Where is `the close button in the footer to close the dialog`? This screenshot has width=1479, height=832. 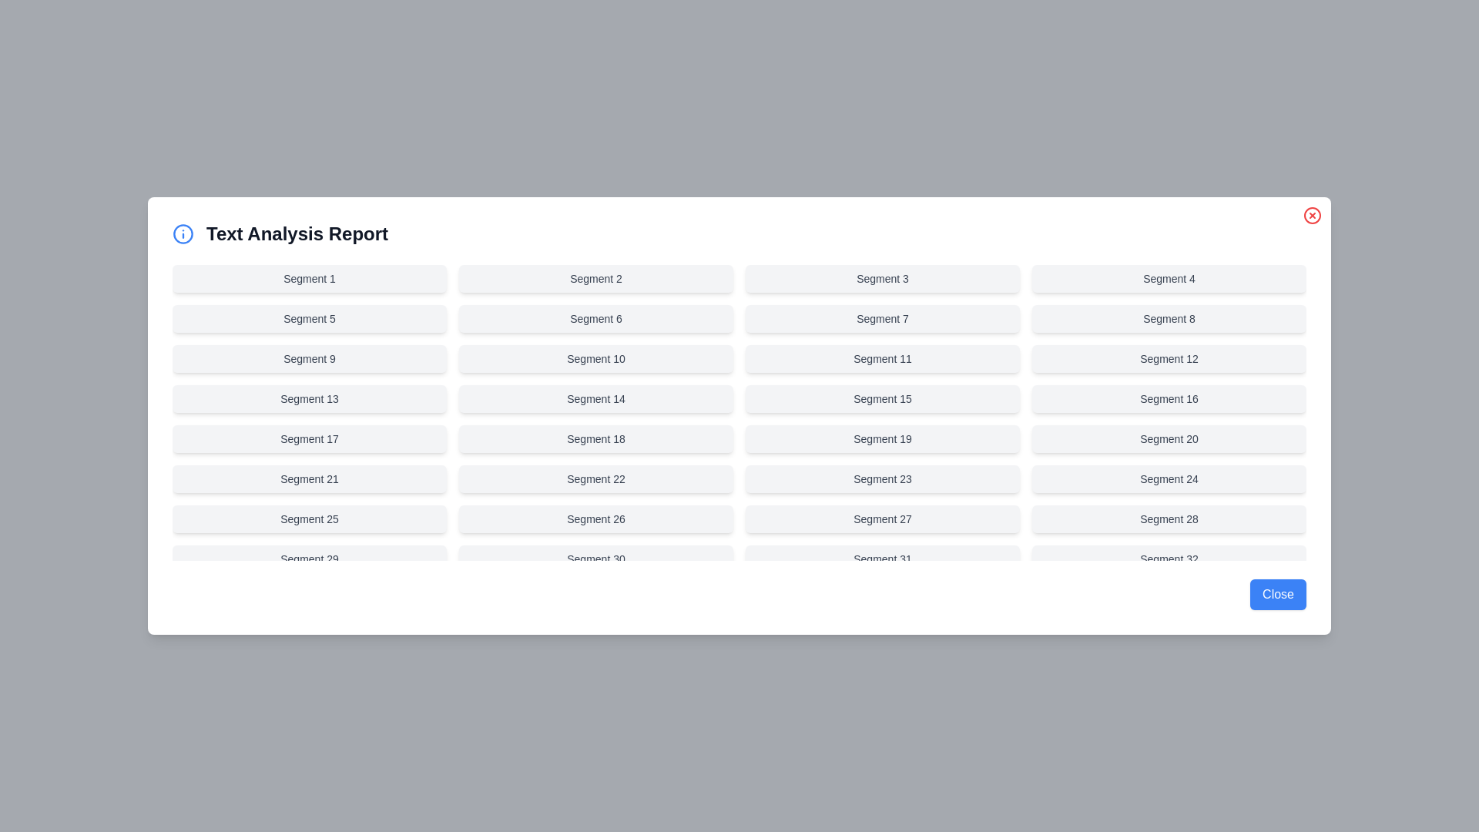
the close button in the footer to close the dialog is located at coordinates (1278, 593).